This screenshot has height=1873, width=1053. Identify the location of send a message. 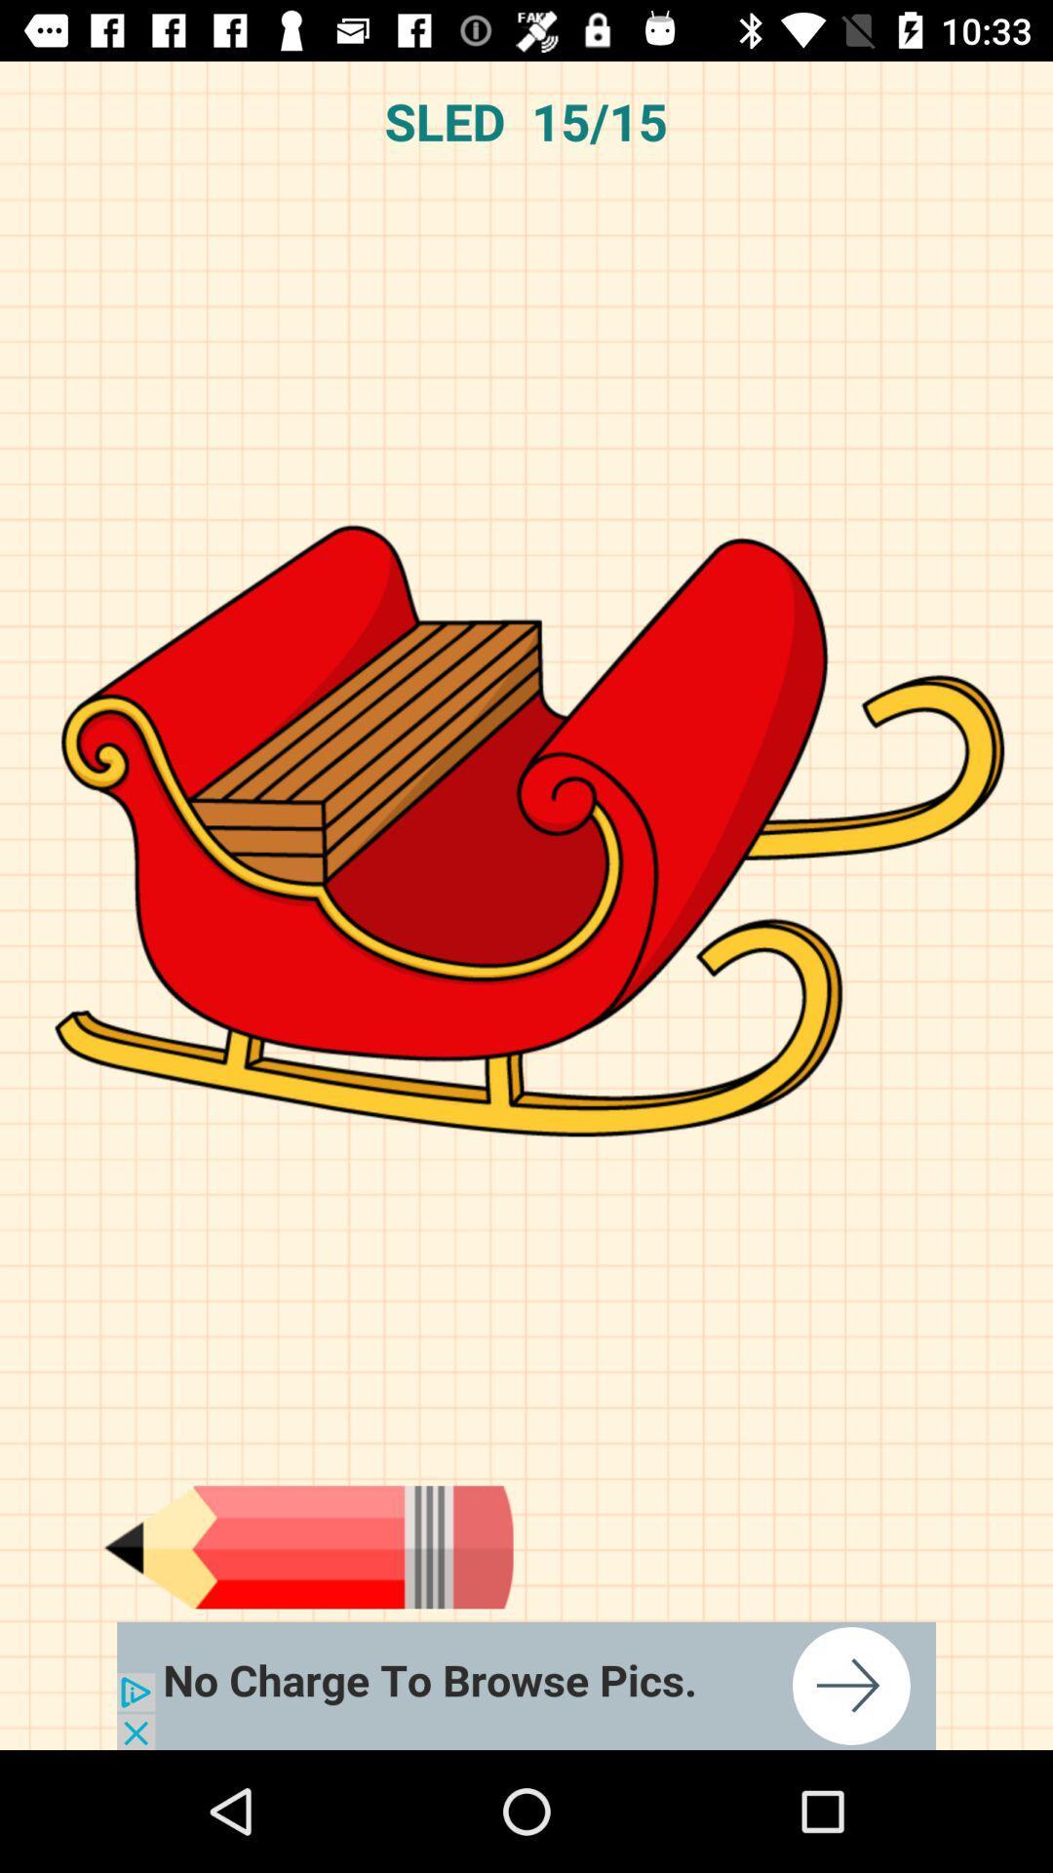
(307, 1546).